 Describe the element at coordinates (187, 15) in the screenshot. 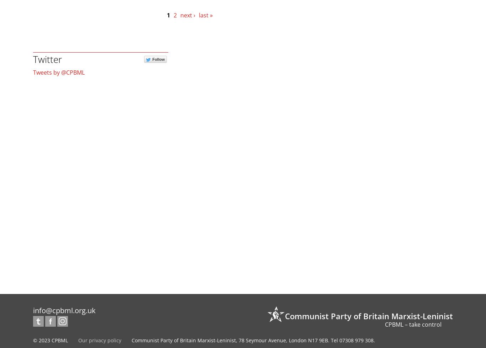

I see `'next ›'` at that location.